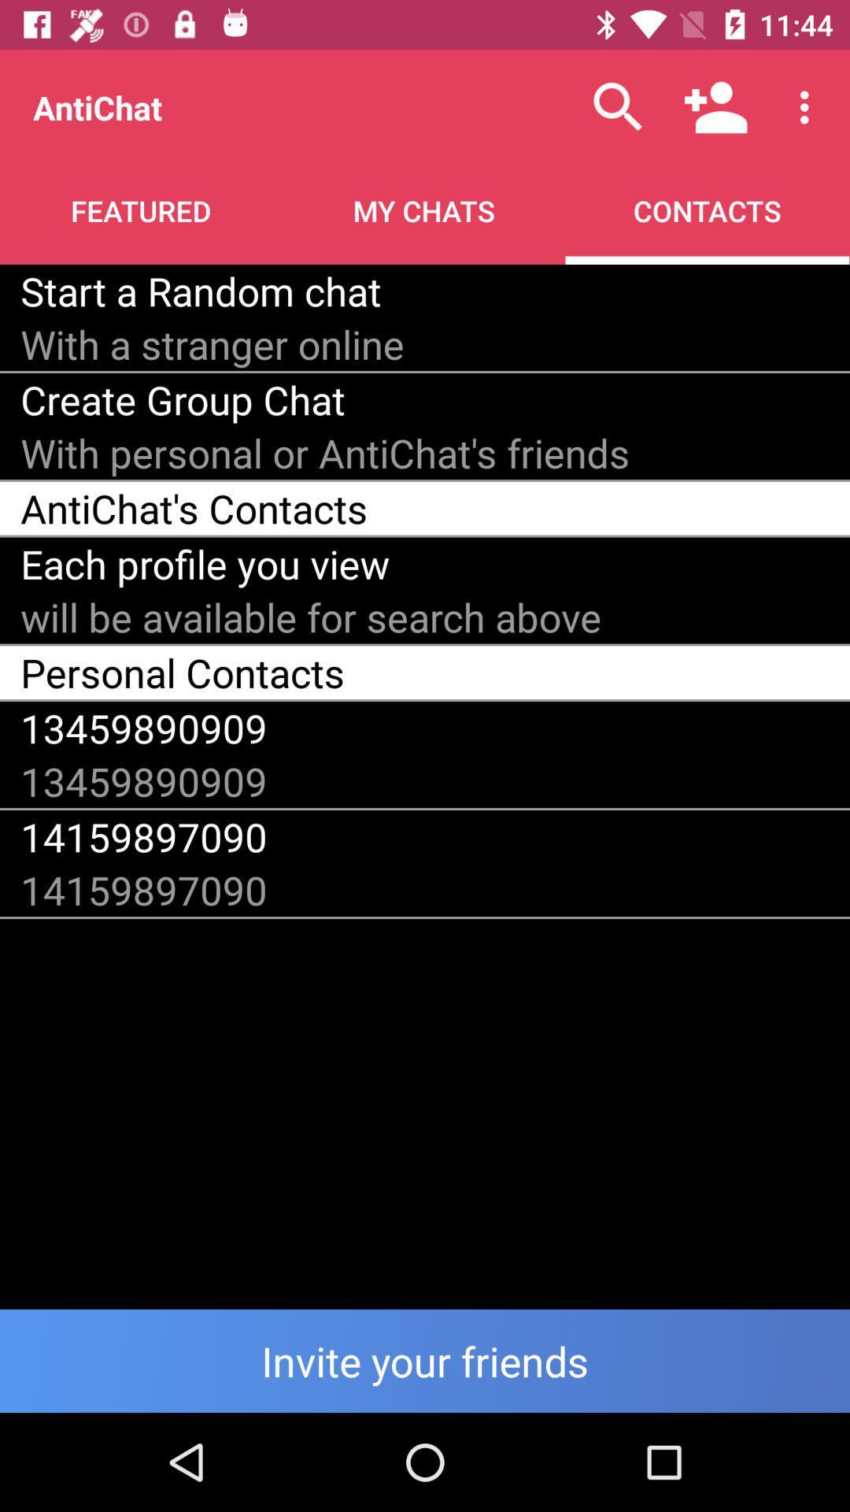  I want to click on friends, so click(425, 1360).